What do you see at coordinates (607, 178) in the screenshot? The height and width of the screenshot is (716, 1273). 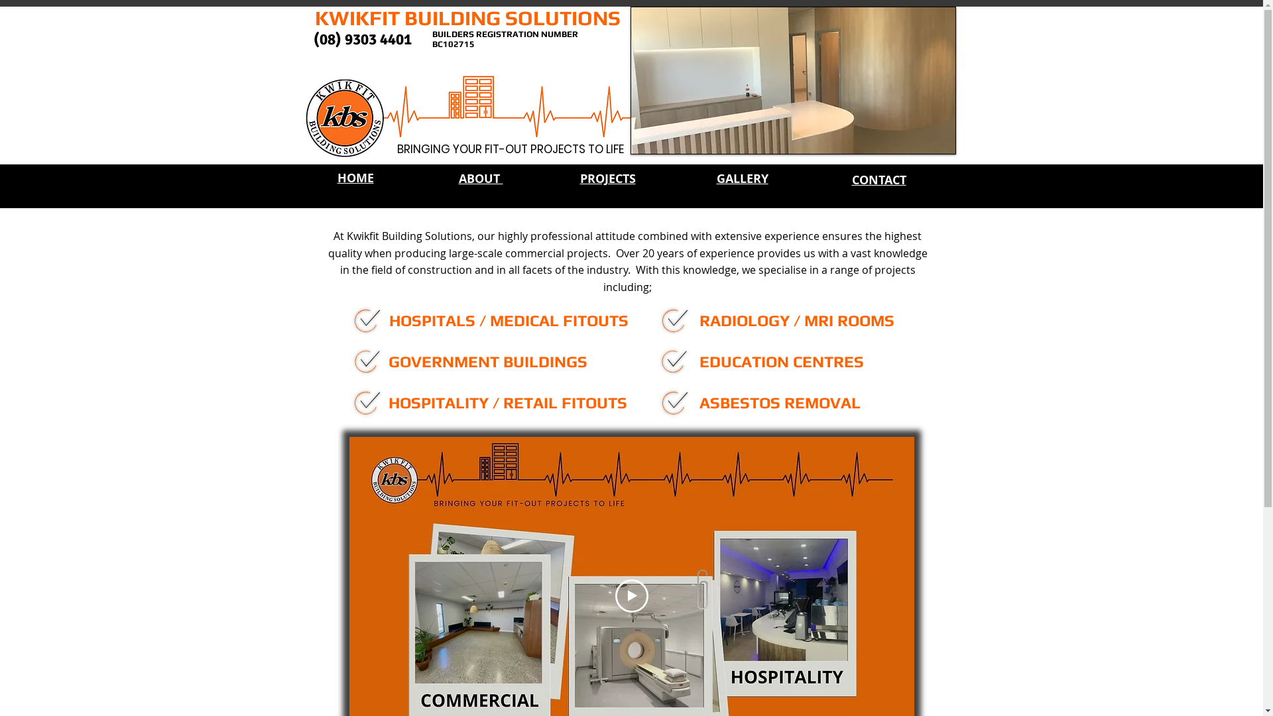 I see `'PROJECTS'` at bounding box center [607, 178].